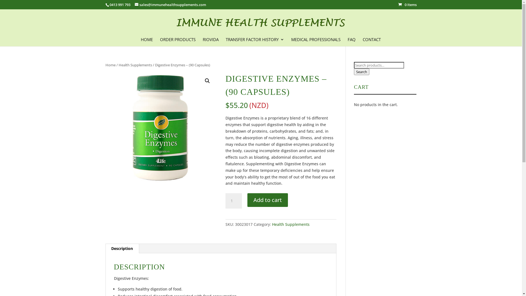 This screenshot has width=526, height=296. I want to click on 'Digestive Enzymes - 90 capsules', so click(160, 127).